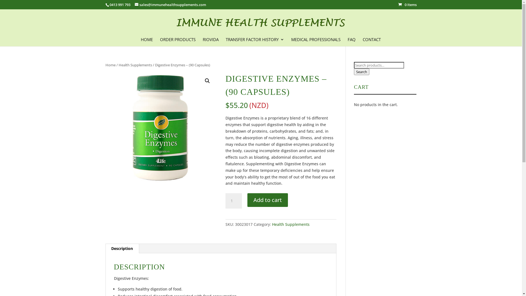 This screenshot has width=526, height=296. I want to click on 'Digestive Enzymes - 90 capsules', so click(160, 127).